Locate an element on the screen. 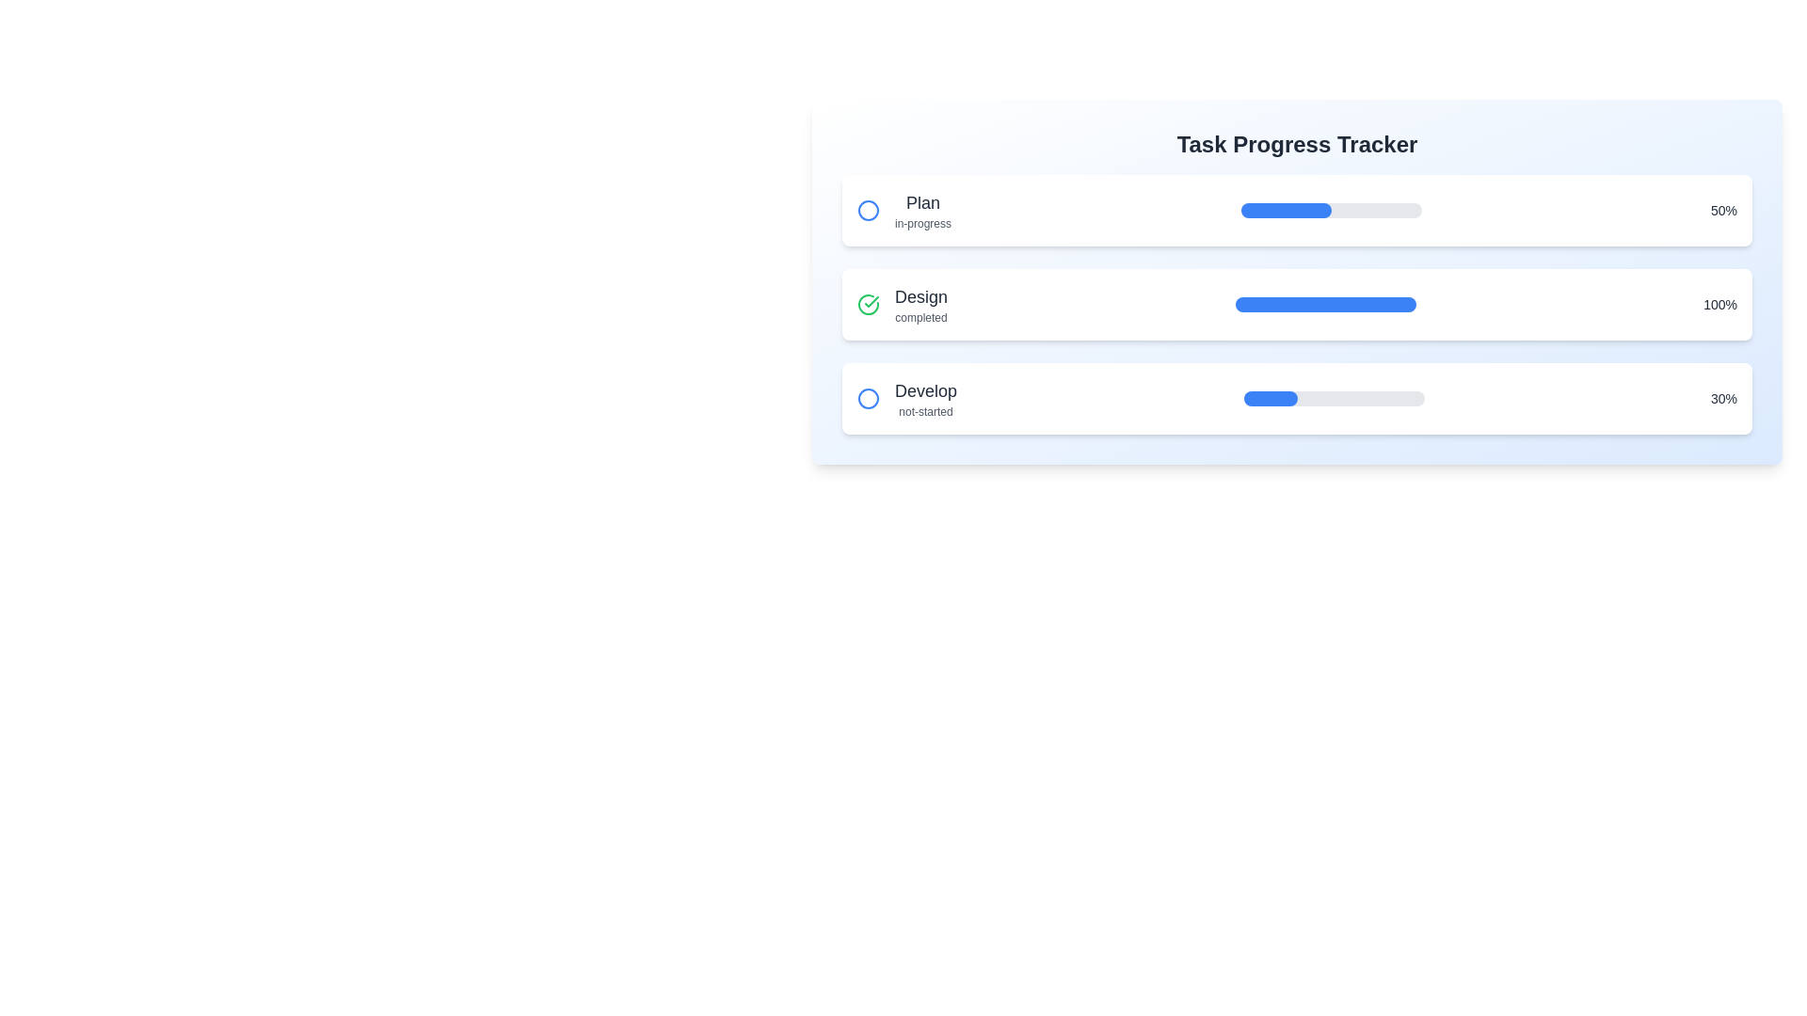 The height and width of the screenshot is (1016, 1807). text from the multi-line Text Label indicating the progress status of the task 'Develop' as 'not-started', located in the lower section of the 'Task Progress Tracker' is located at coordinates (925, 398).